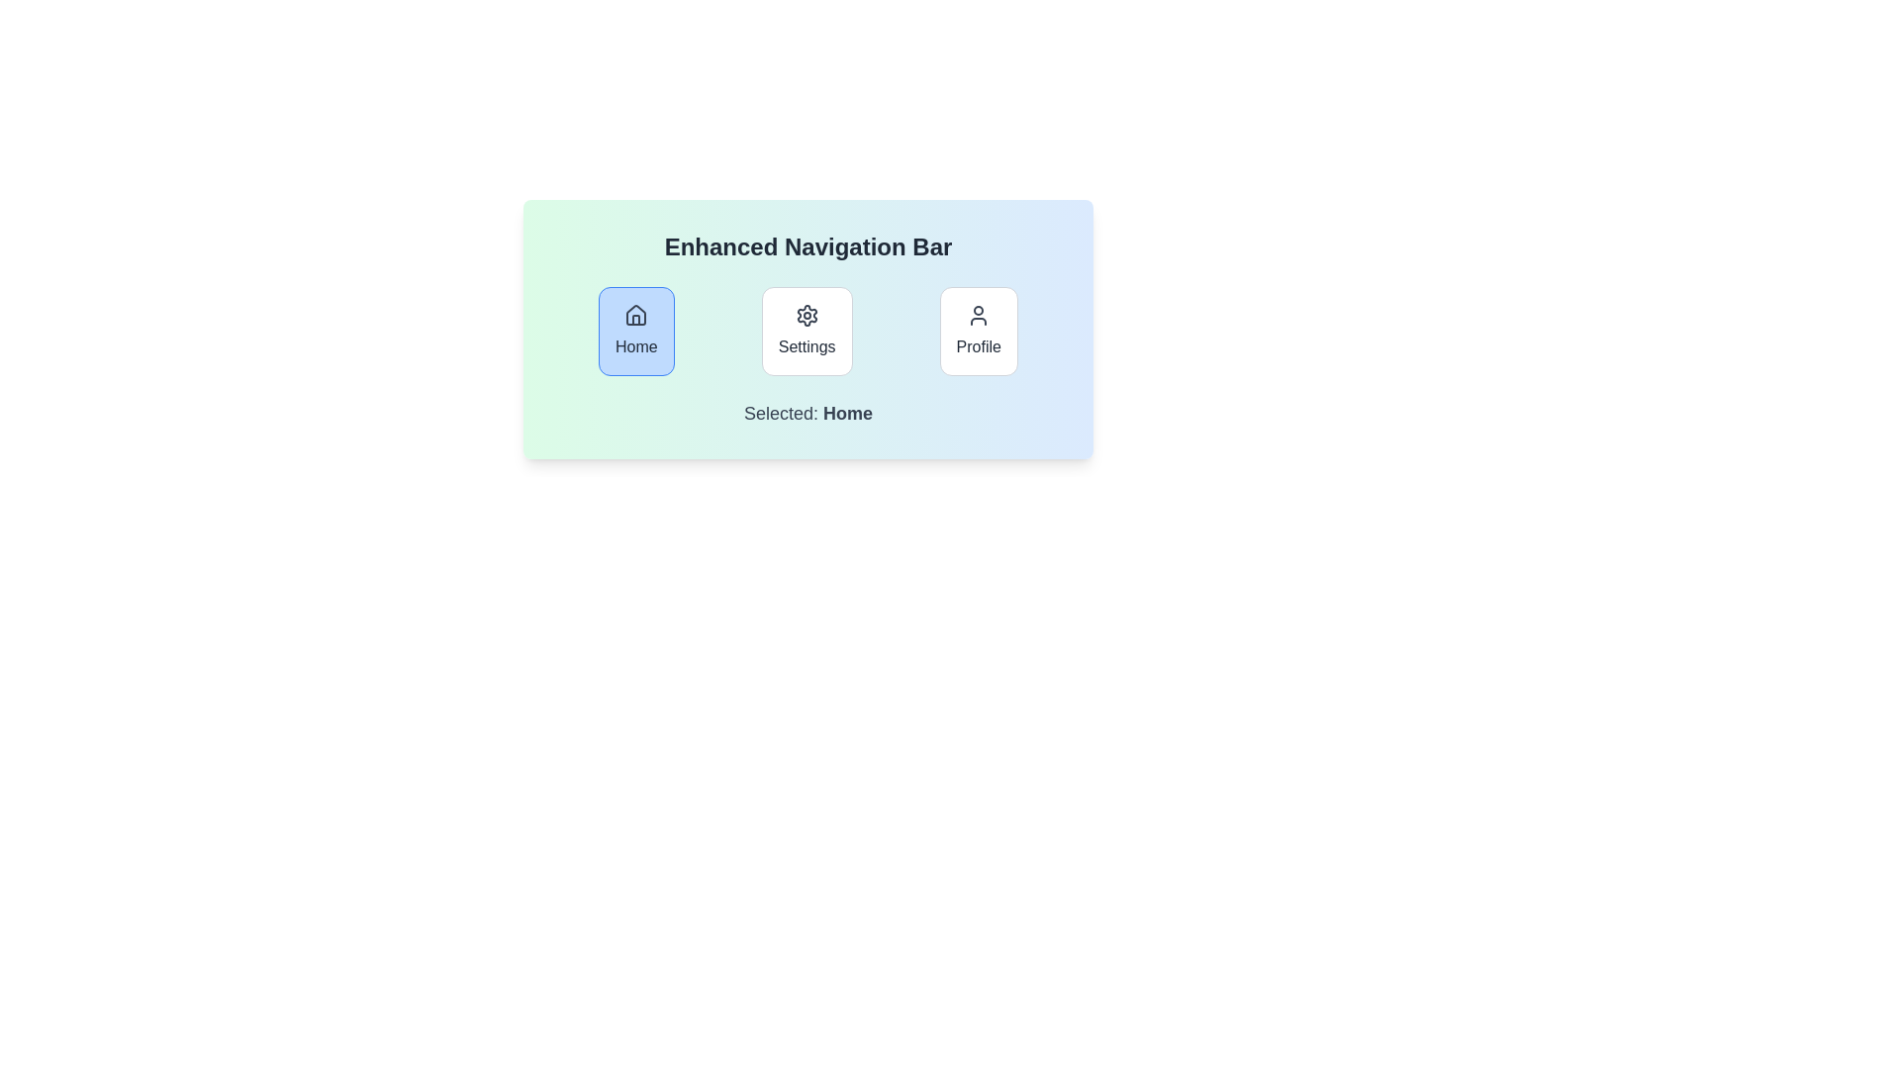 This screenshot has height=1069, width=1900. What do you see at coordinates (636, 319) in the screenshot?
I see `the Decorative icon element, which is a small part of the house icon located within the 'Home' button in the navigation bar` at bounding box center [636, 319].